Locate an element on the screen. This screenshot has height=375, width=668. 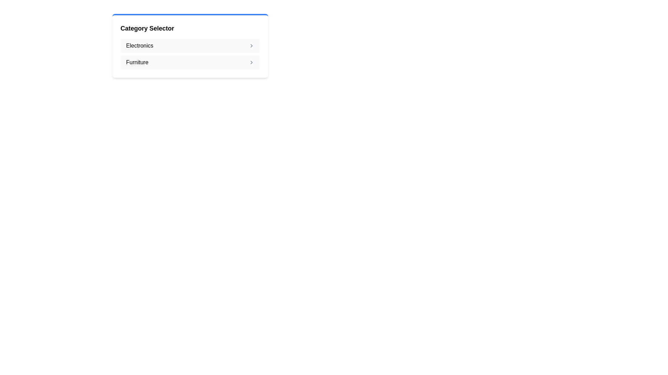
the text label that serves as the title or purpose descriptor for the dropdown interface, located at the top left above the category options is located at coordinates (147, 28).